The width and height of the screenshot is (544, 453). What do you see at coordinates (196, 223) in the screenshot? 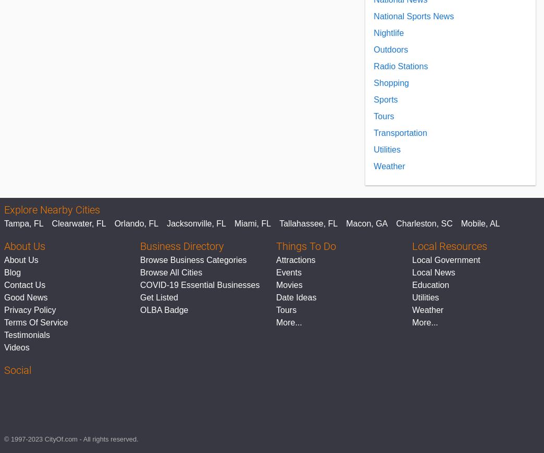
I see `'Jacksonville, FL'` at bounding box center [196, 223].